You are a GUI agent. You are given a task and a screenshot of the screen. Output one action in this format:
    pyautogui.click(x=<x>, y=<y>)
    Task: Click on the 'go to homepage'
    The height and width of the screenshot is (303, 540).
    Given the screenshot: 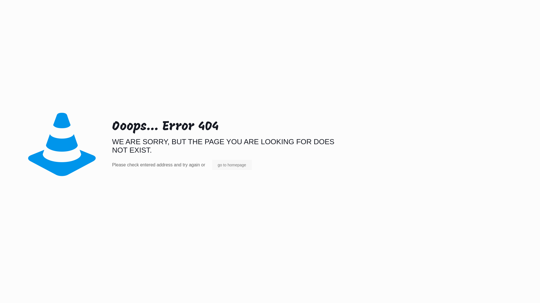 What is the action you would take?
    pyautogui.click(x=232, y=164)
    